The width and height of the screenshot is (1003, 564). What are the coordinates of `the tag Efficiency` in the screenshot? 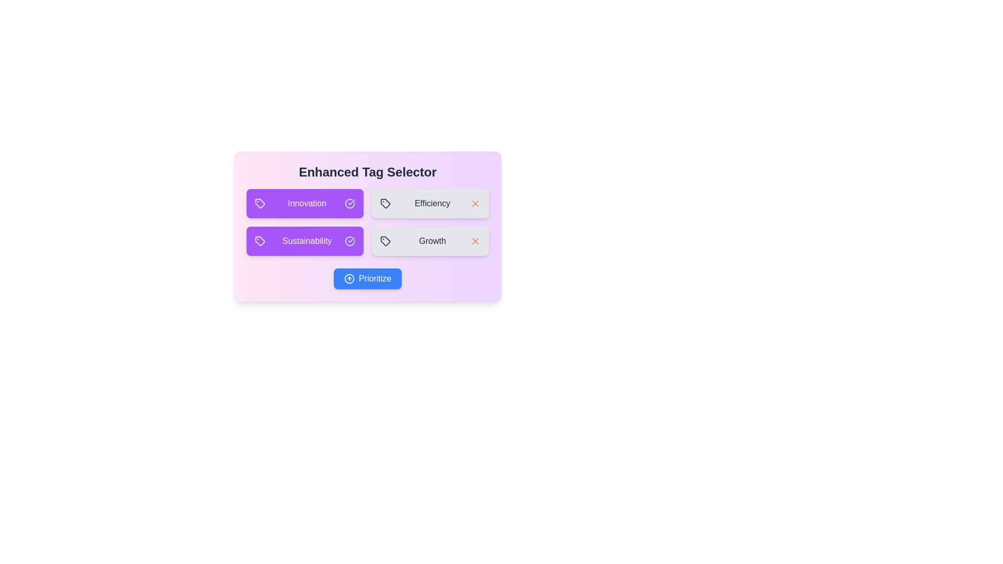 It's located at (430, 203).